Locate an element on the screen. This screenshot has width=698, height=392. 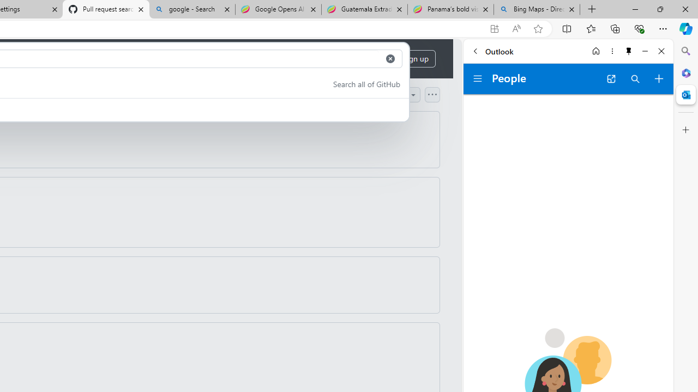
'Google Opens AI Academy for Startups - Nearshore Americas' is located at coordinates (278, 9).